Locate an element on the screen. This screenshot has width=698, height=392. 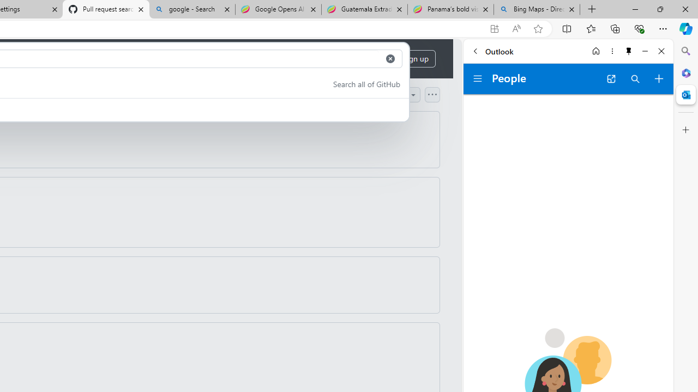
'Google Opens AI Academy for Startups - Nearshore Americas' is located at coordinates (278, 9).